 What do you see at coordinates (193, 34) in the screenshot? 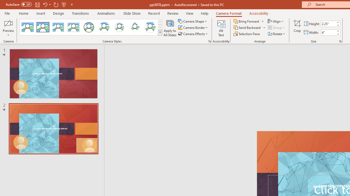
I see `'Camera Effects'` at bounding box center [193, 34].